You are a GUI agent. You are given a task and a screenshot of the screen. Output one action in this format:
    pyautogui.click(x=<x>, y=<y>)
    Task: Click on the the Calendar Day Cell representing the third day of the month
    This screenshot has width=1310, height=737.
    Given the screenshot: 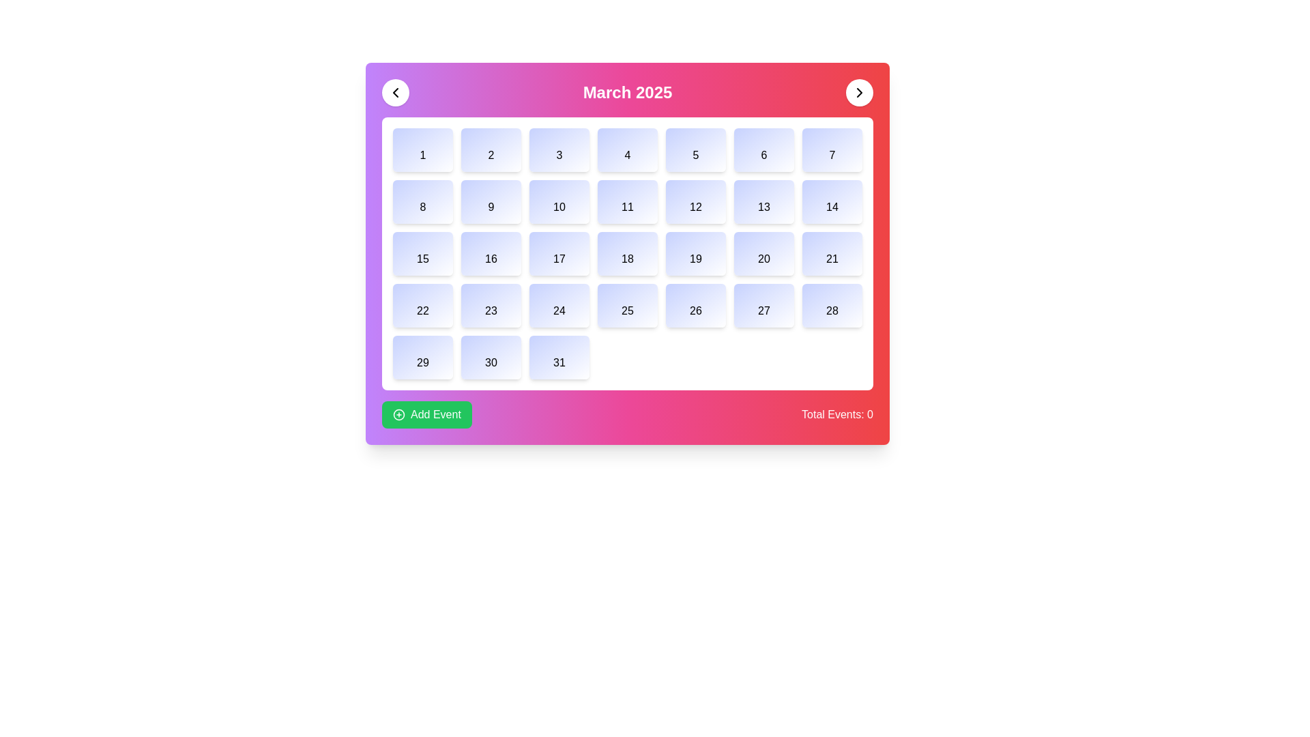 What is the action you would take?
    pyautogui.click(x=559, y=149)
    